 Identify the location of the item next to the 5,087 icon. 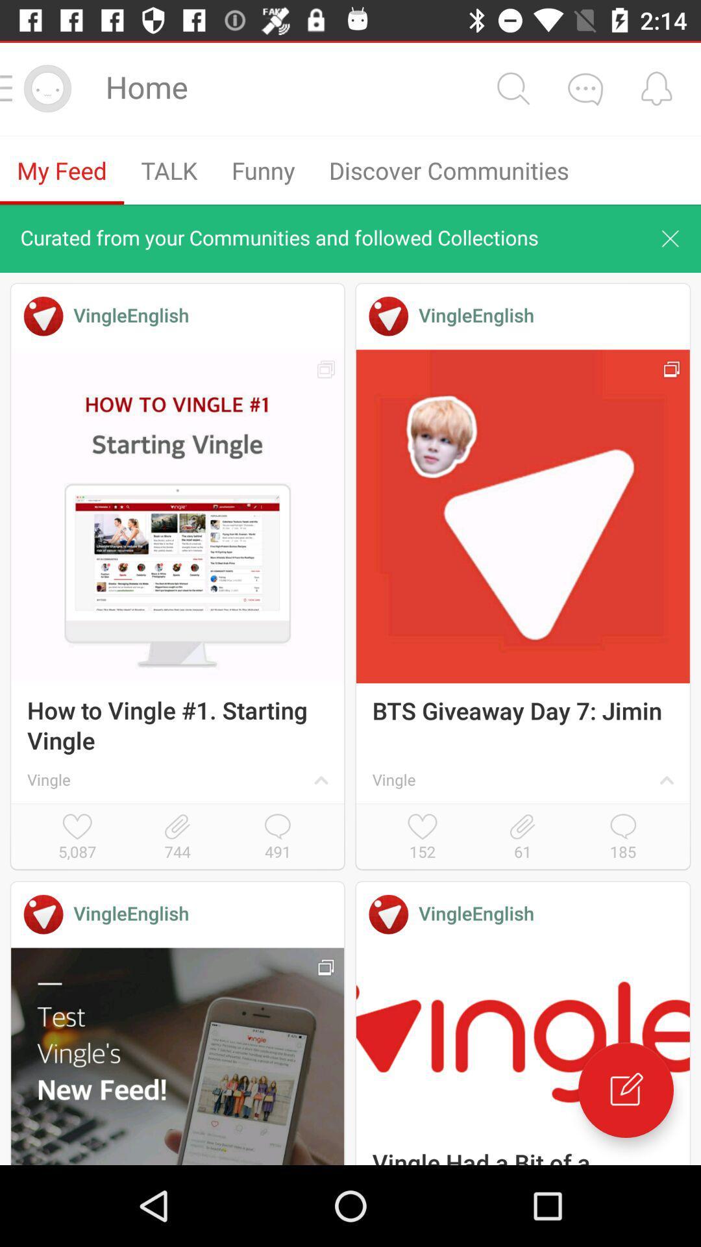
(177, 838).